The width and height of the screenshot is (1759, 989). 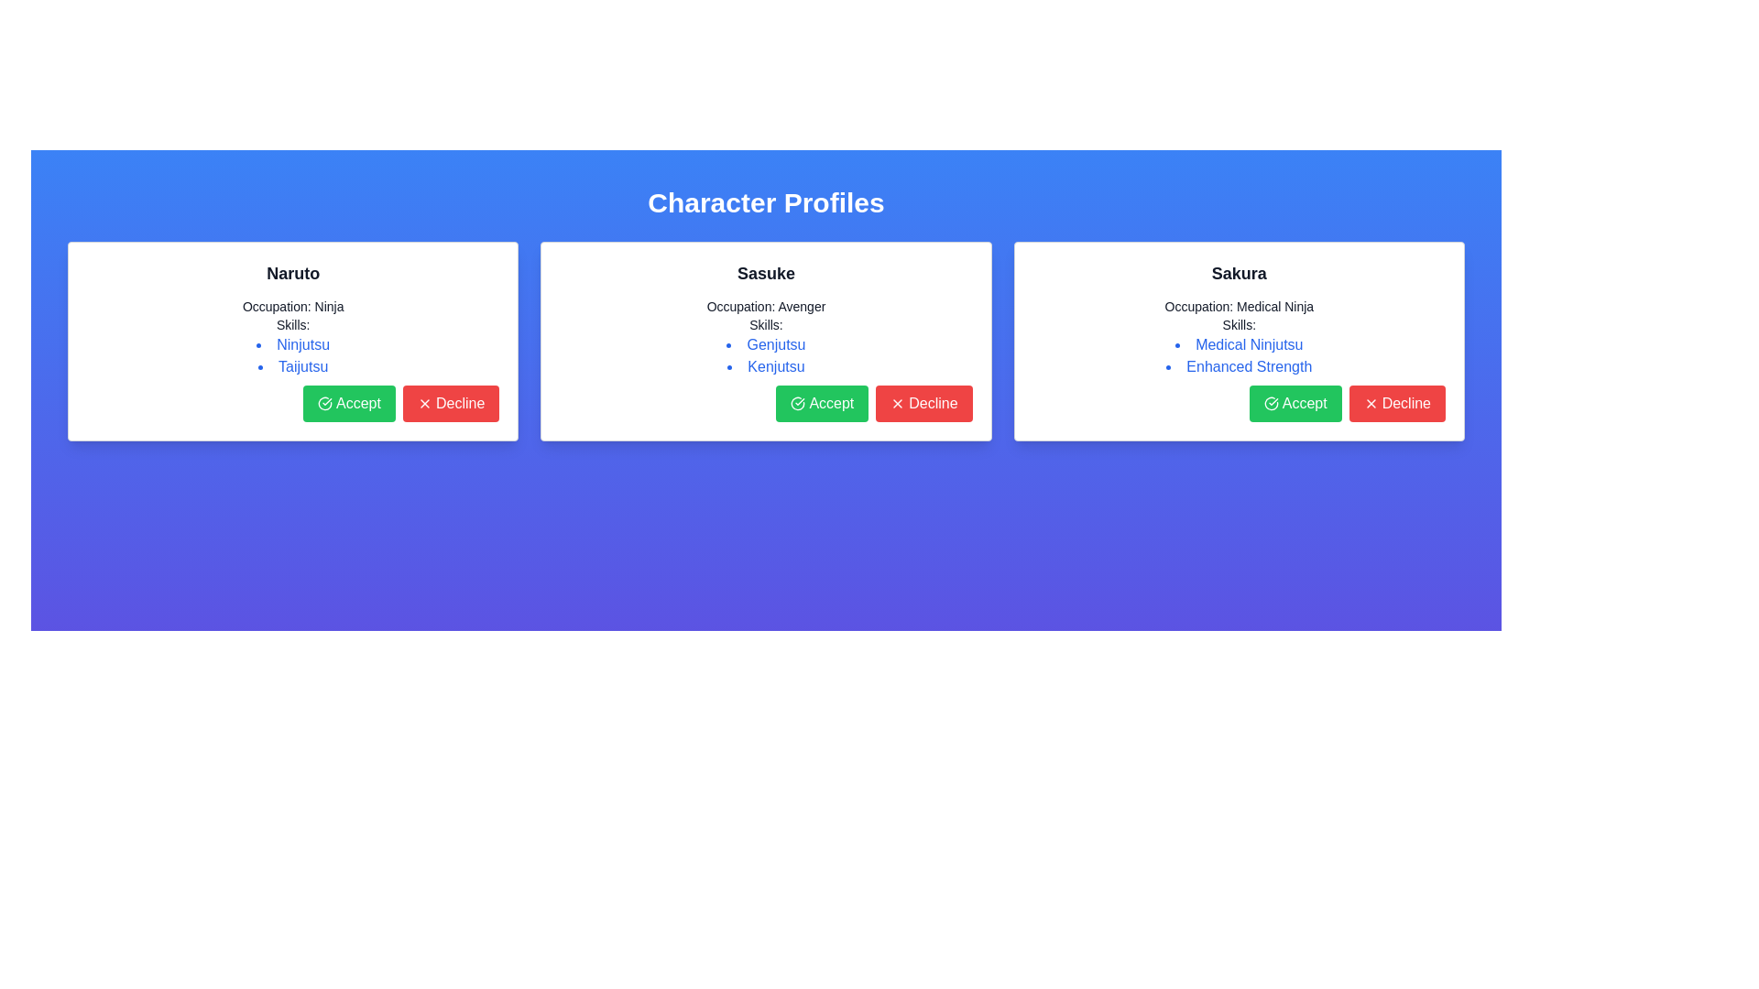 I want to click on the text 'Medical Ninjutsu' in blue font which is the first item in the bulleted list under the 'Skills' section of Sakura's character card, so click(x=1239, y=345).